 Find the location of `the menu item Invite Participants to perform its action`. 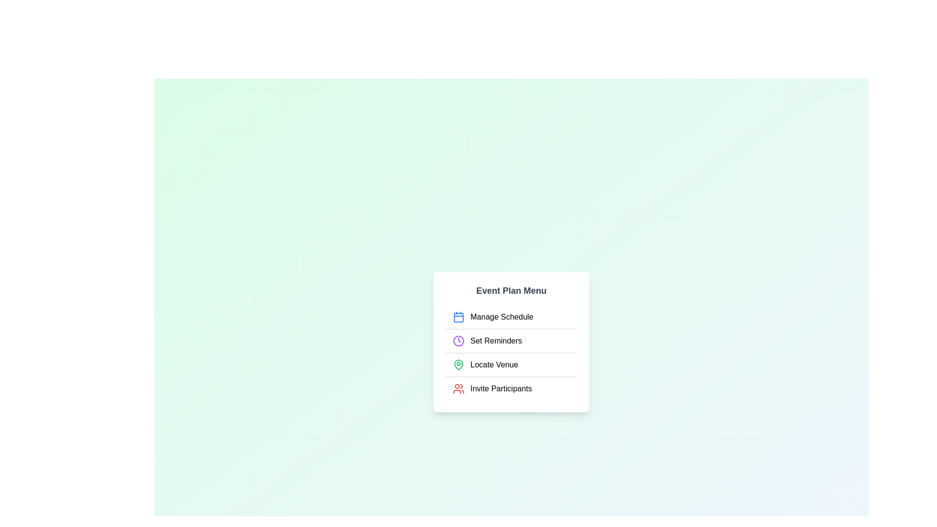

the menu item Invite Participants to perform its action is located at coordinates (510, 387).